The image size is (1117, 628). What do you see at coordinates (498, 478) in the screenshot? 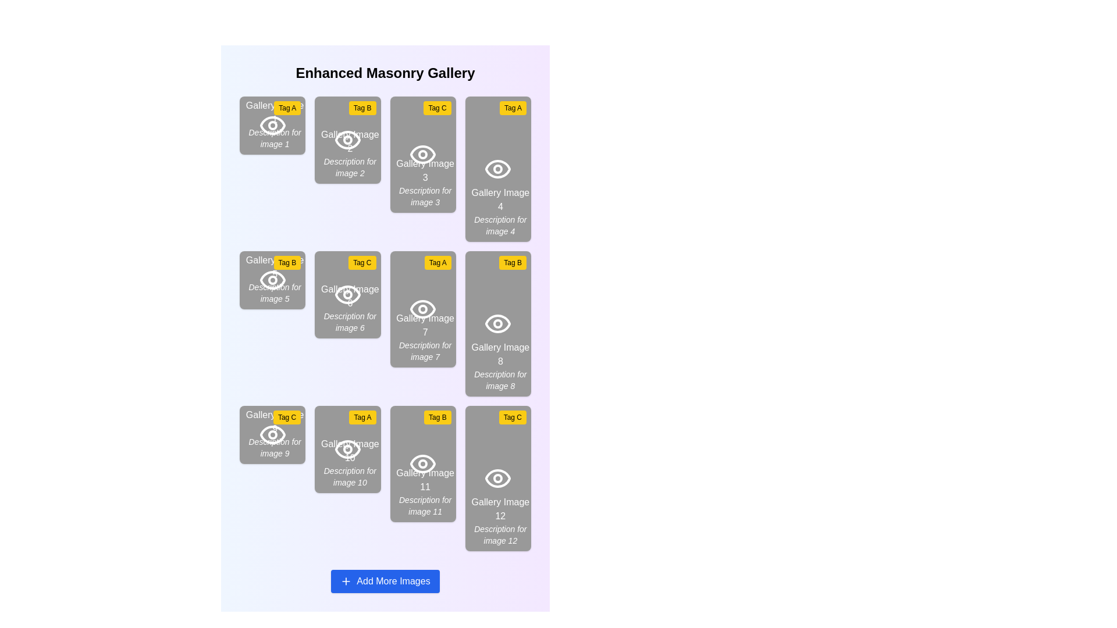
I see `the circular SVG element resembling an eye within the tile labeled 'Gallery Image 12', which includes a yellow tag labeled 'Tag C'` at bounding box center [498, 478].